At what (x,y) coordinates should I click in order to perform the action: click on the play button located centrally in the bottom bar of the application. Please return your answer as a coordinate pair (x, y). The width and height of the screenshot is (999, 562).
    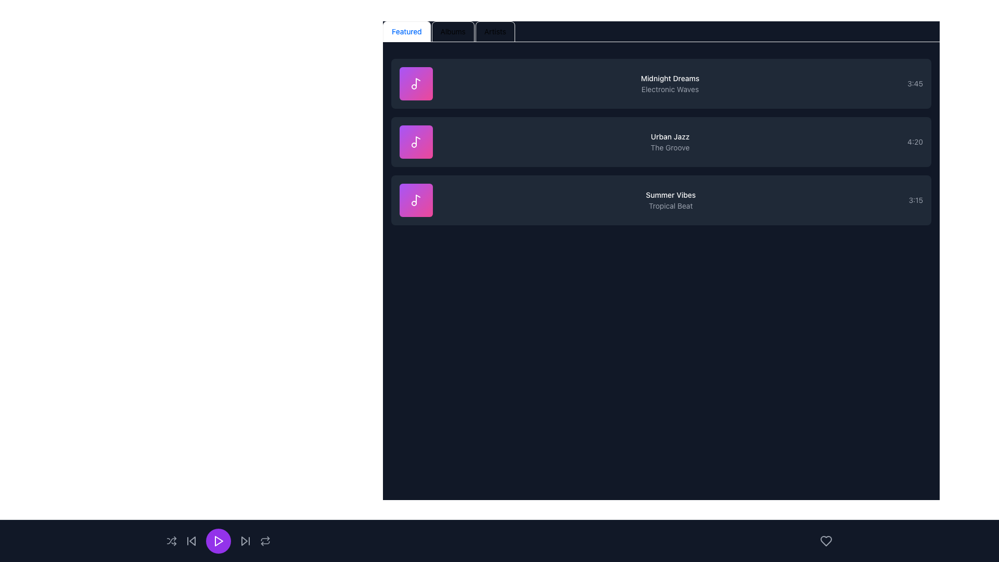
    Looking at the image, I should click on (218, 541).